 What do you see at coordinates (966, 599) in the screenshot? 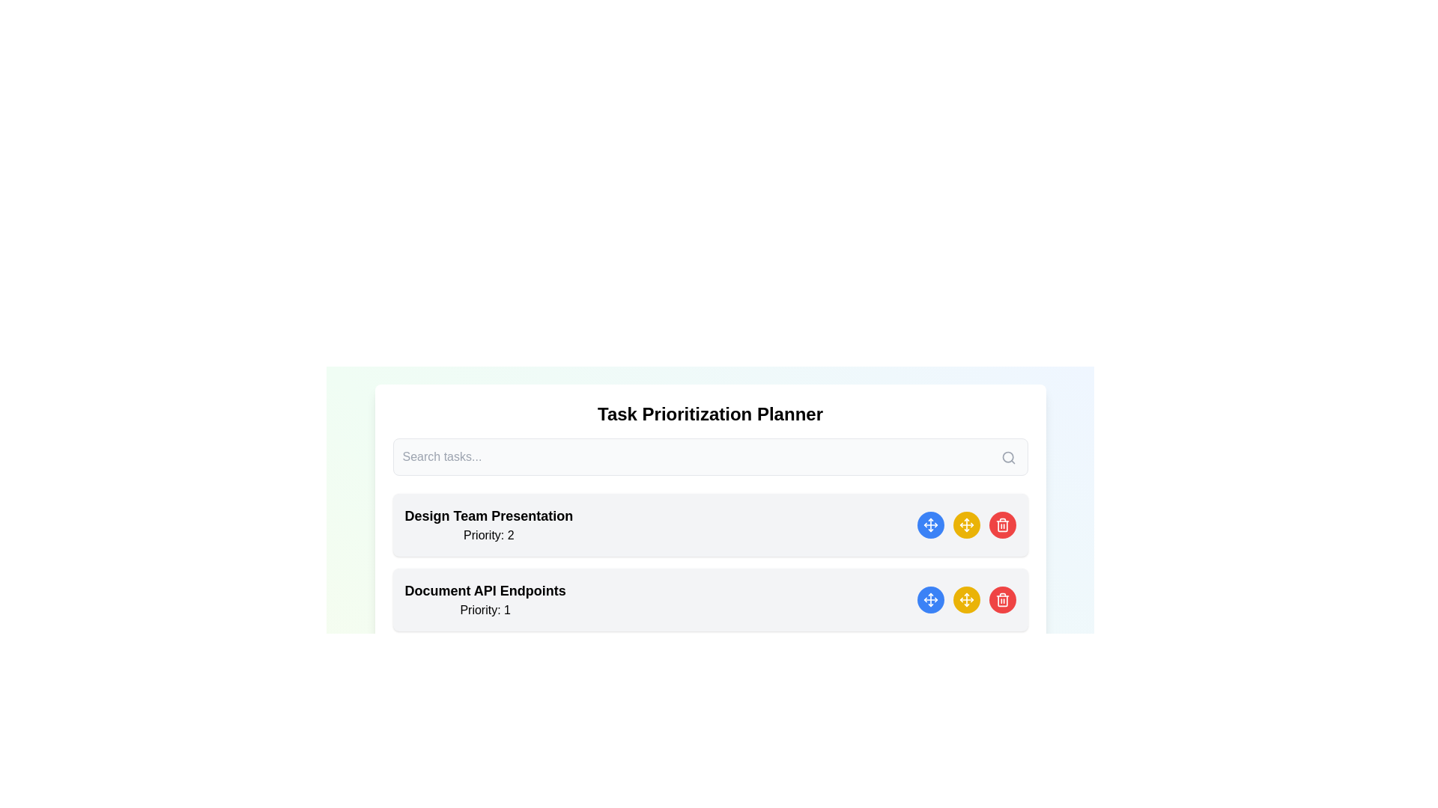
I see `the small circular yellow button with a white four-directional arrow icon, located between a blue button on the left and a red button on the right` at bounding box center [966, 599].